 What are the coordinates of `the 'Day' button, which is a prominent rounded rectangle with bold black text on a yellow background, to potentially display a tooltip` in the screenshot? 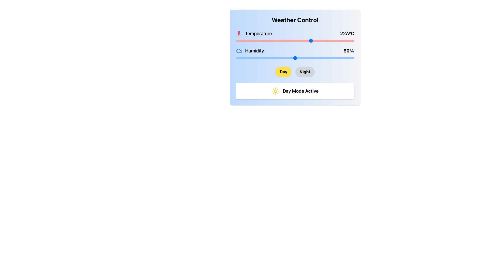 It's located at (283, 72).